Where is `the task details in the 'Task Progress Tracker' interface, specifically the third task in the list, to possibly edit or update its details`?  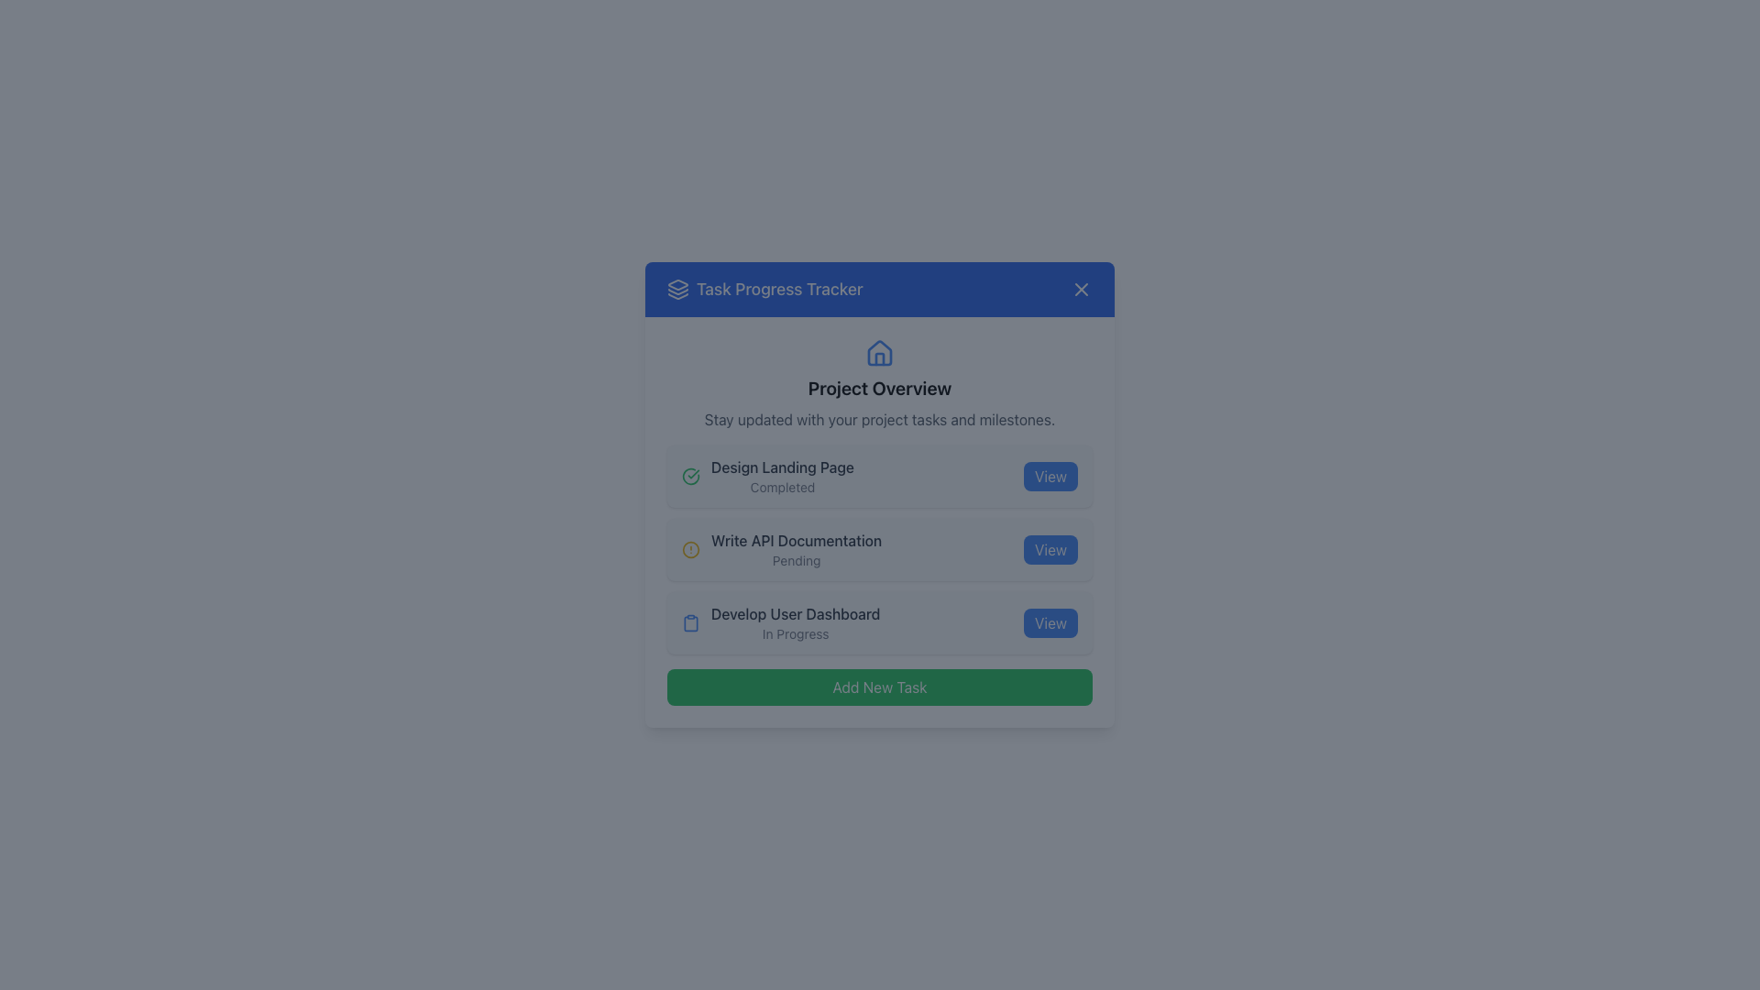 the task details in the 'Task Progress Tracker' interface, specifically the third task in the list, to possibly edit or update its details is located at coordinates (796, 621).